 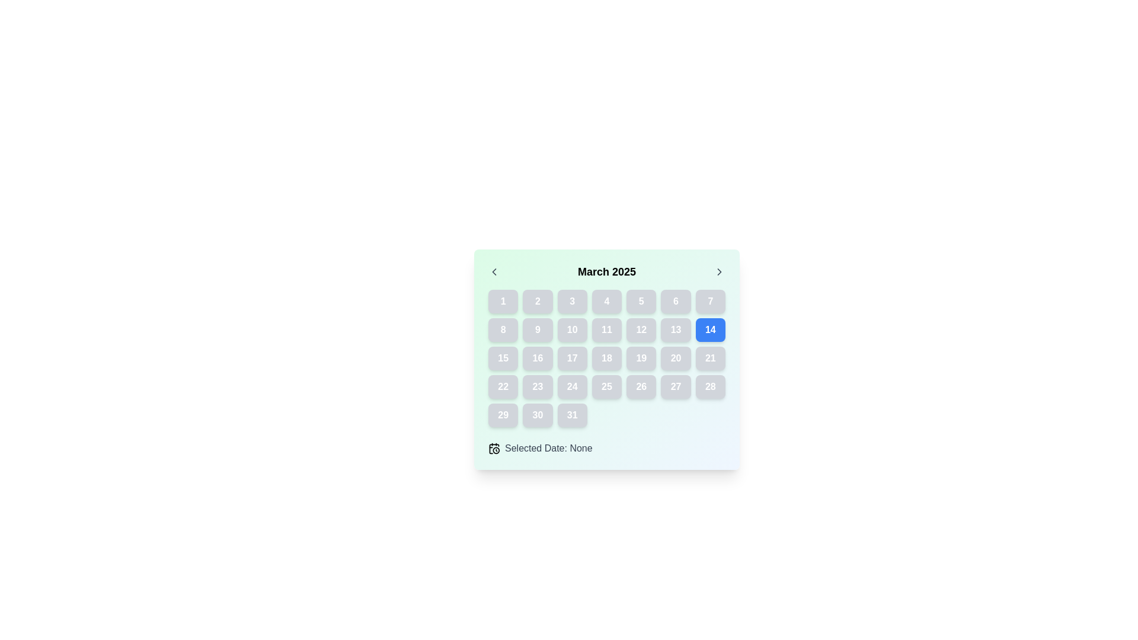 I want to click on the date selection button located in the last row of the calendar widget, so click(x=503, y=415).